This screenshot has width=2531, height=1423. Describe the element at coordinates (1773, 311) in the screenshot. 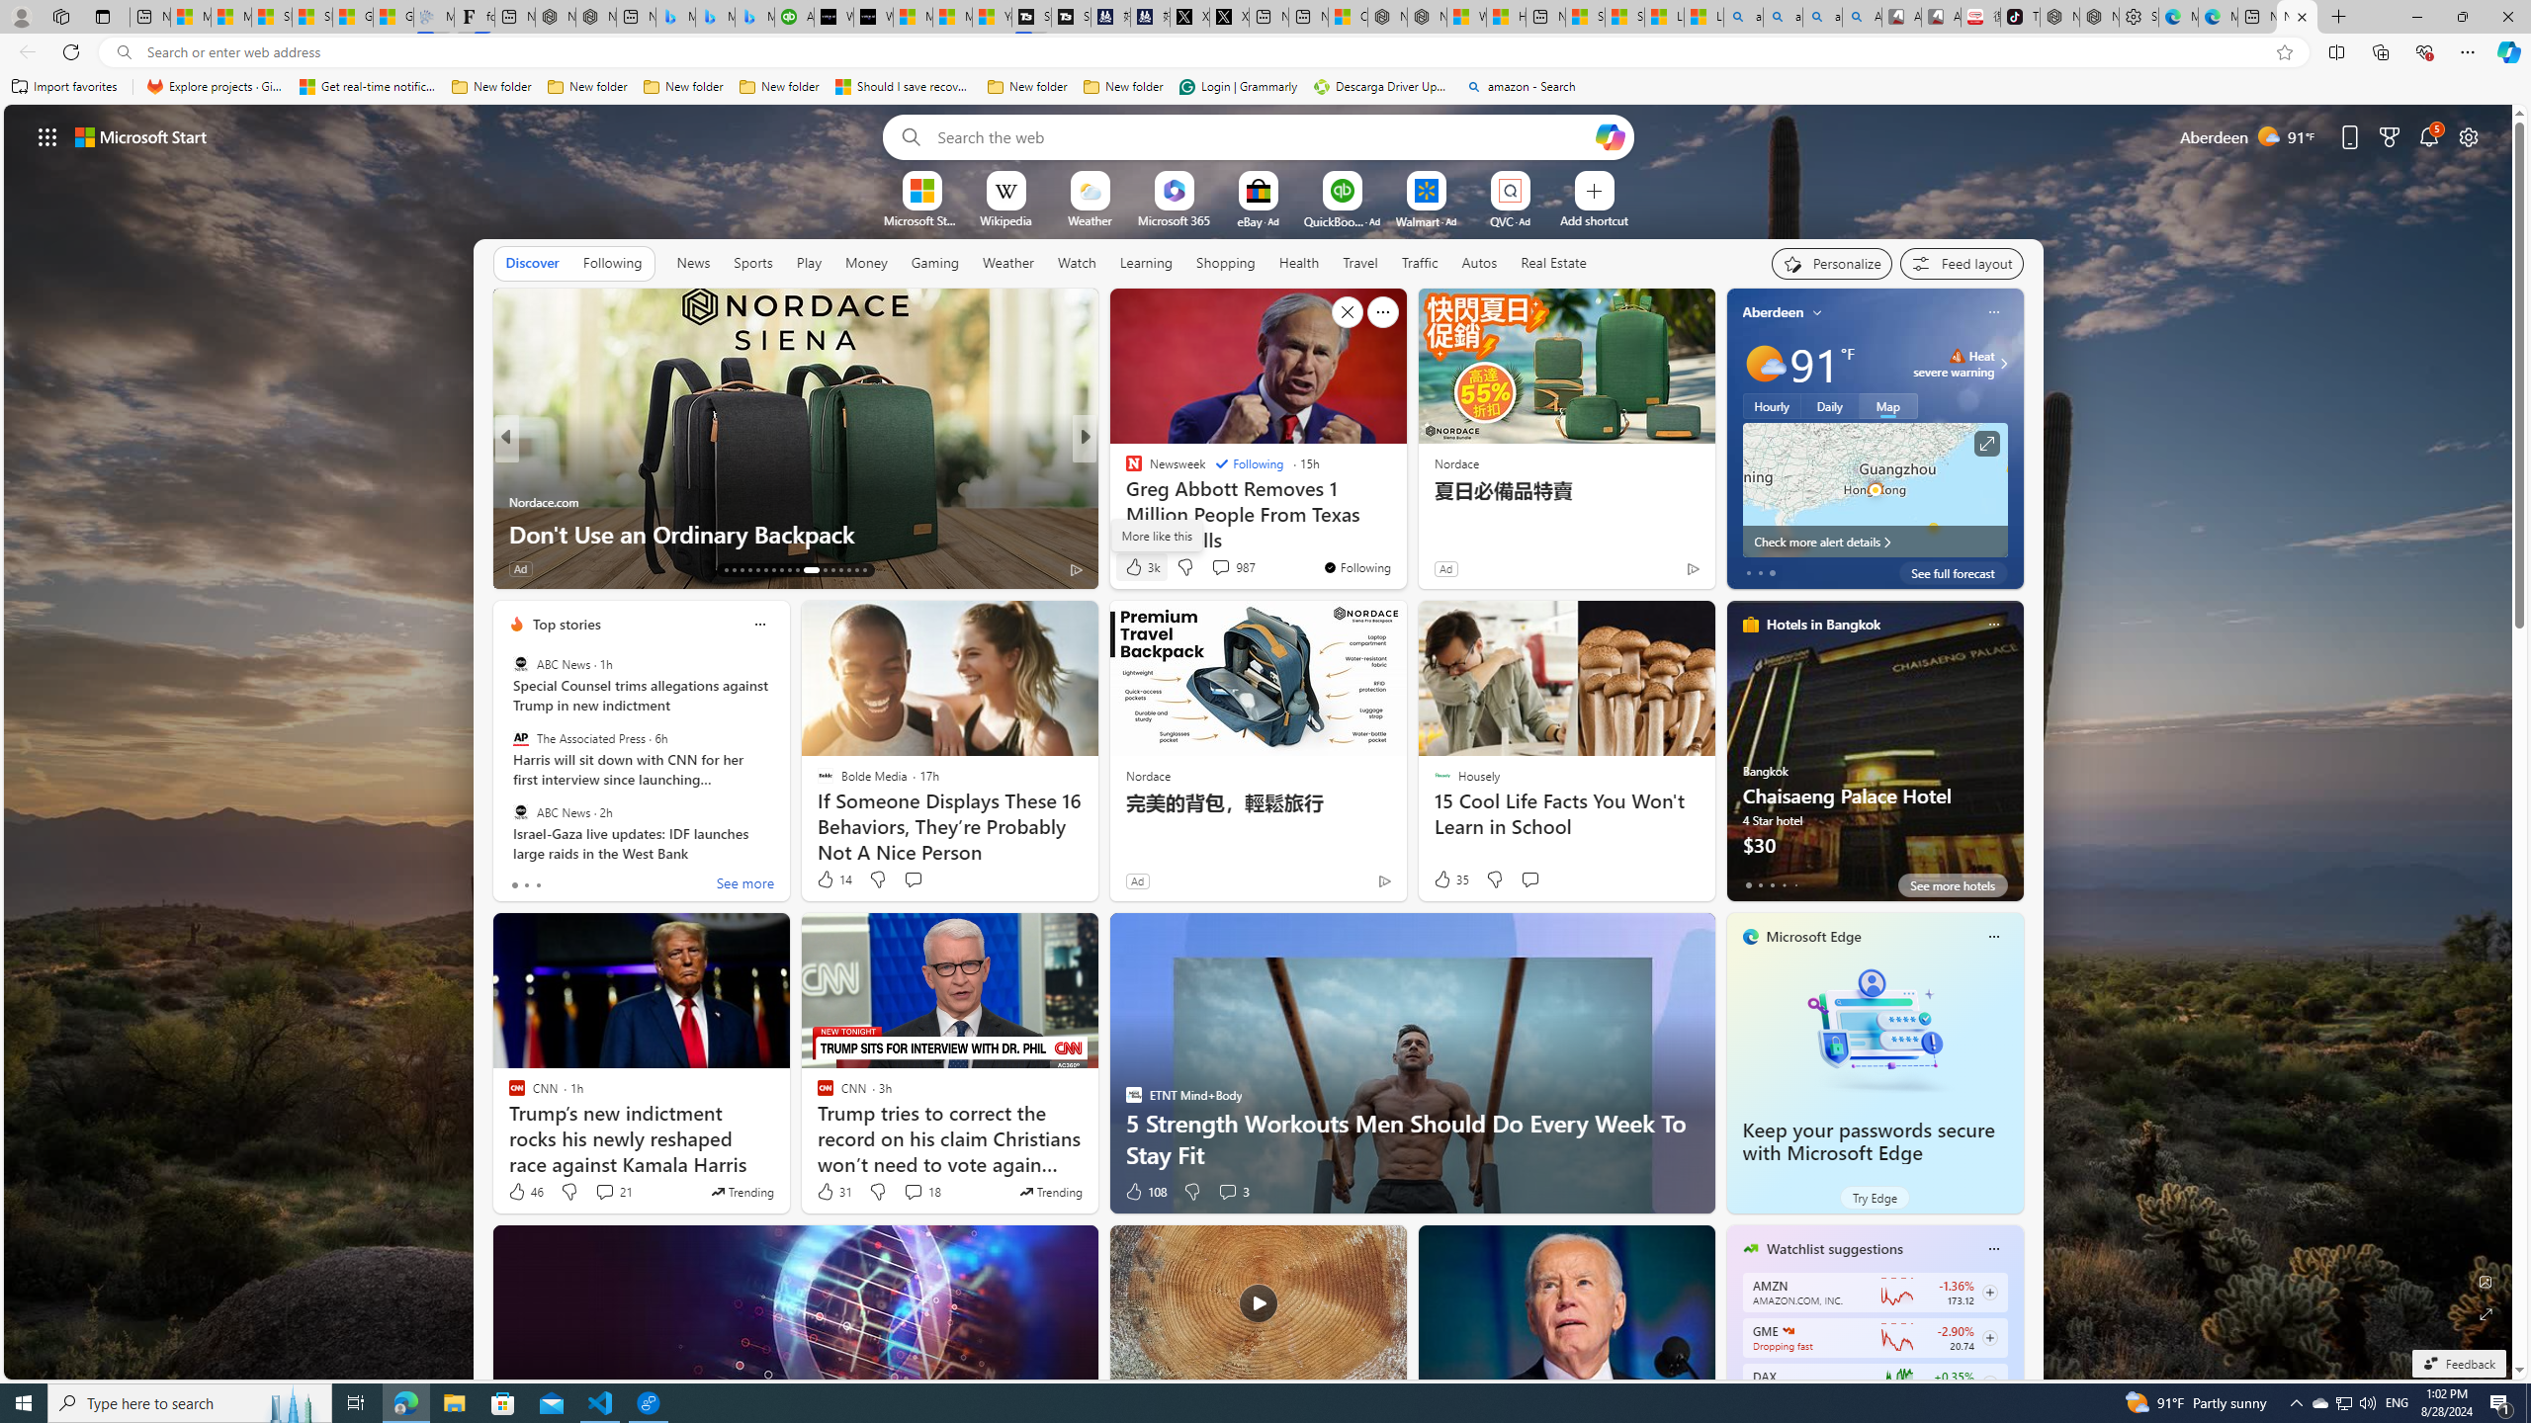

I see `'Aberdeen'` at that location.